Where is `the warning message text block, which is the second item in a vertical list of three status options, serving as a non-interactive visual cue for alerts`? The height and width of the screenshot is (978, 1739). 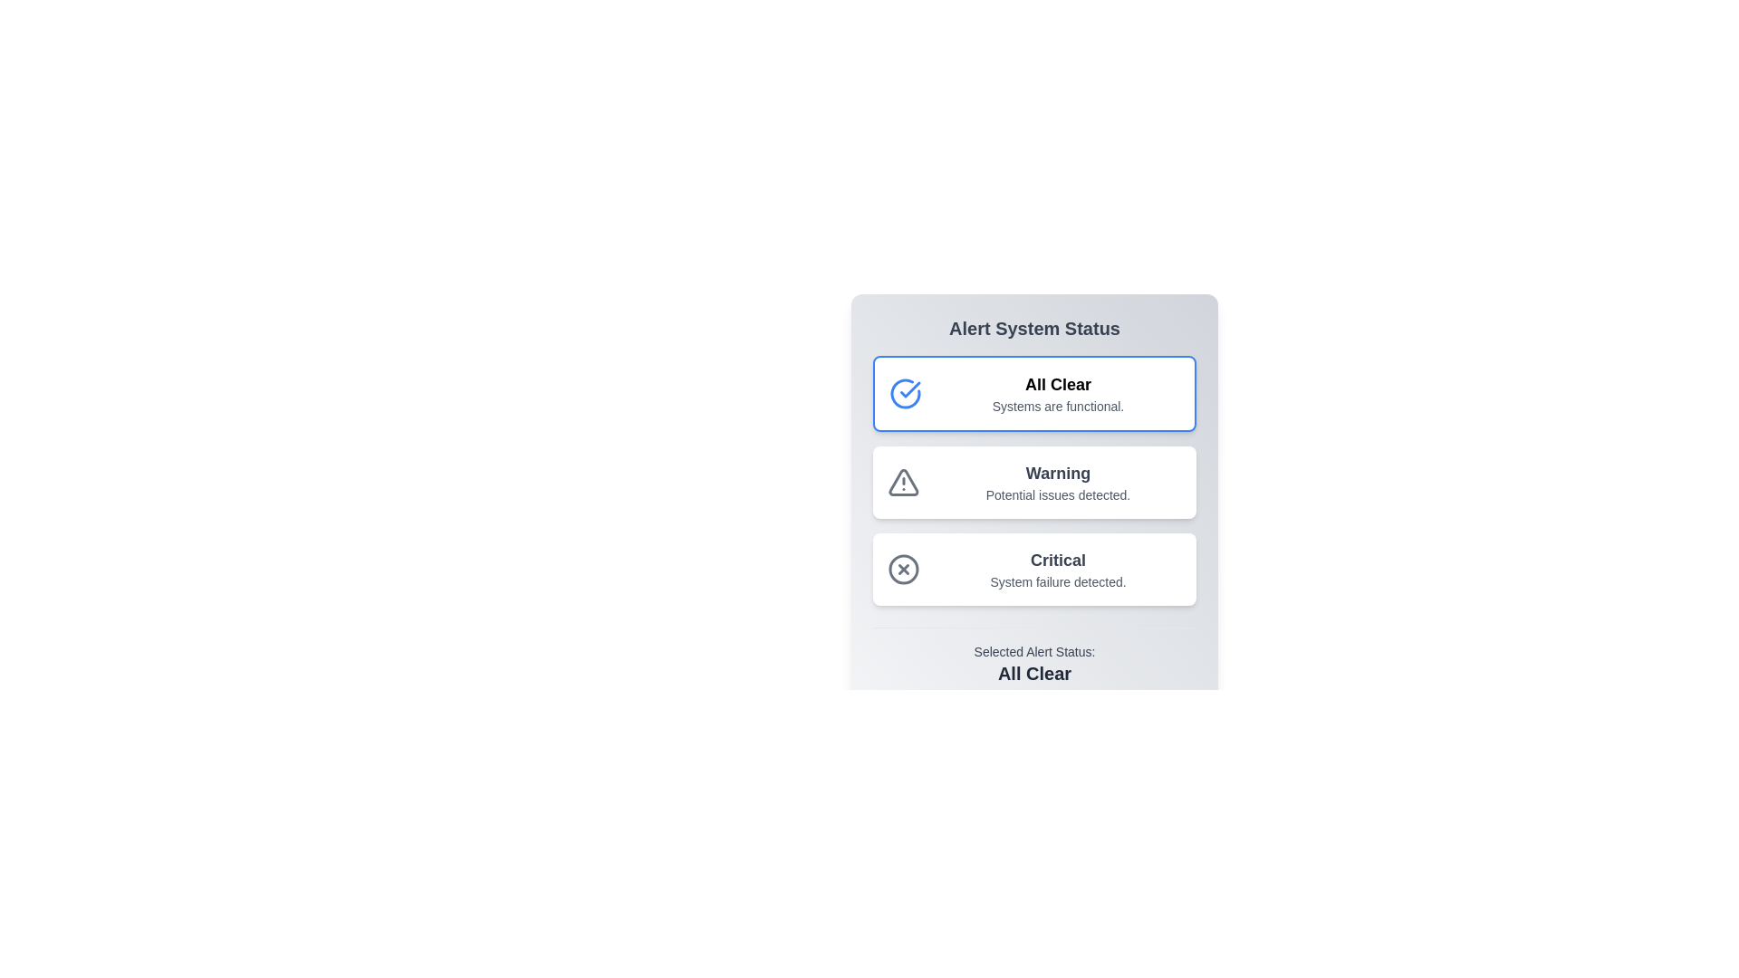 the warning message text block, which is the second item in a vertical list of three status options, serving as a non-interactive visual cue for alerts is located at coordinates (1058, 481).